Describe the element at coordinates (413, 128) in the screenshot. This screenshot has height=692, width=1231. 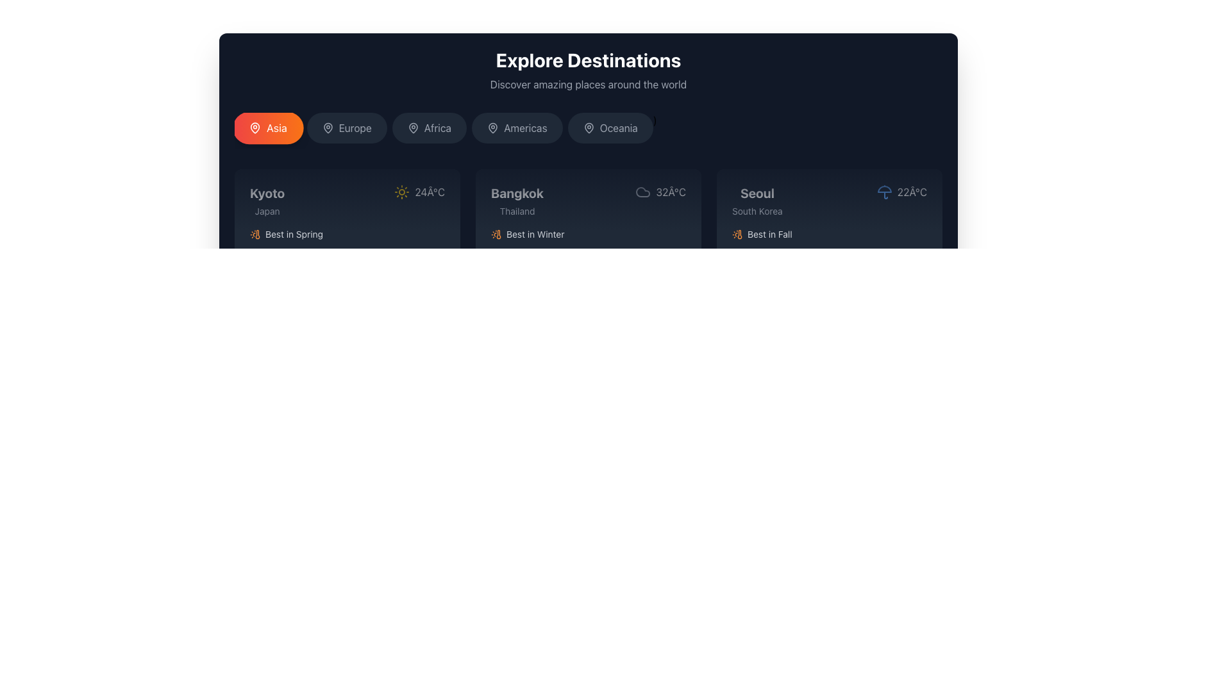
I see `the small pin icon styled as a location marker located next to the text label 'Africa'` at that location.